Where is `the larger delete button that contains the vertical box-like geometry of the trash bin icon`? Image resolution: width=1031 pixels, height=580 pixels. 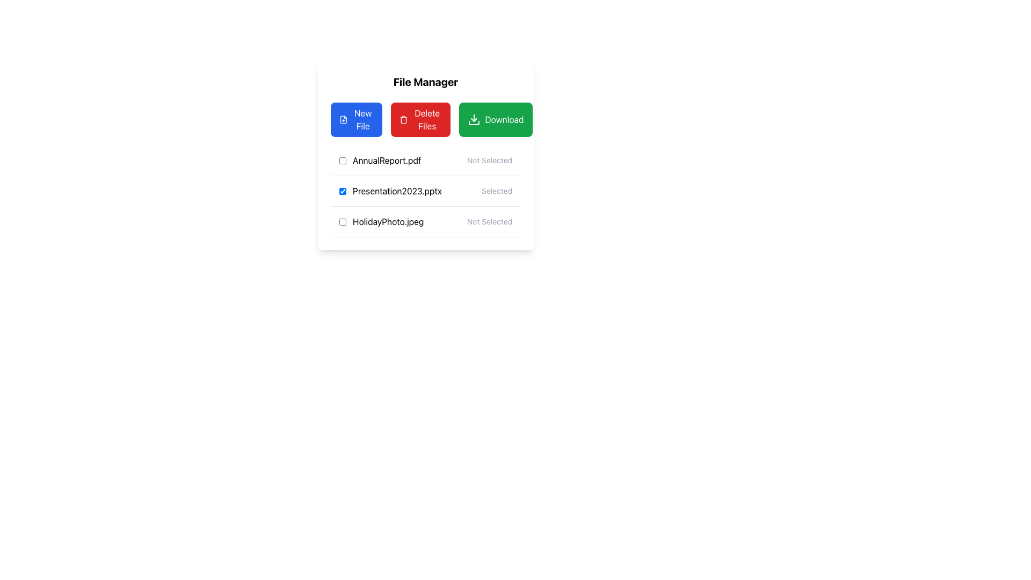 the larger delete button that contains the vertical box-like geometry of the trash bin icon is located at coordinates (403, 120).